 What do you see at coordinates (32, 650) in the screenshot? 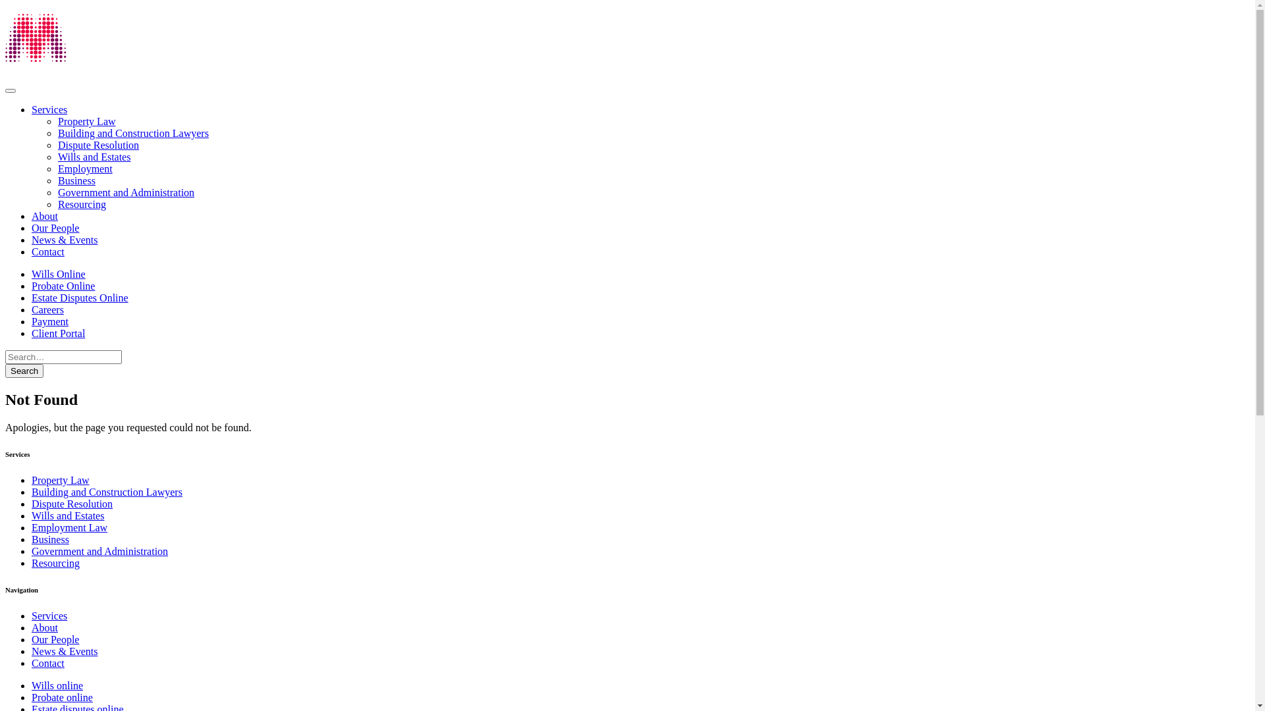
I see `'News & Events'` at bounding box center [32, 650].